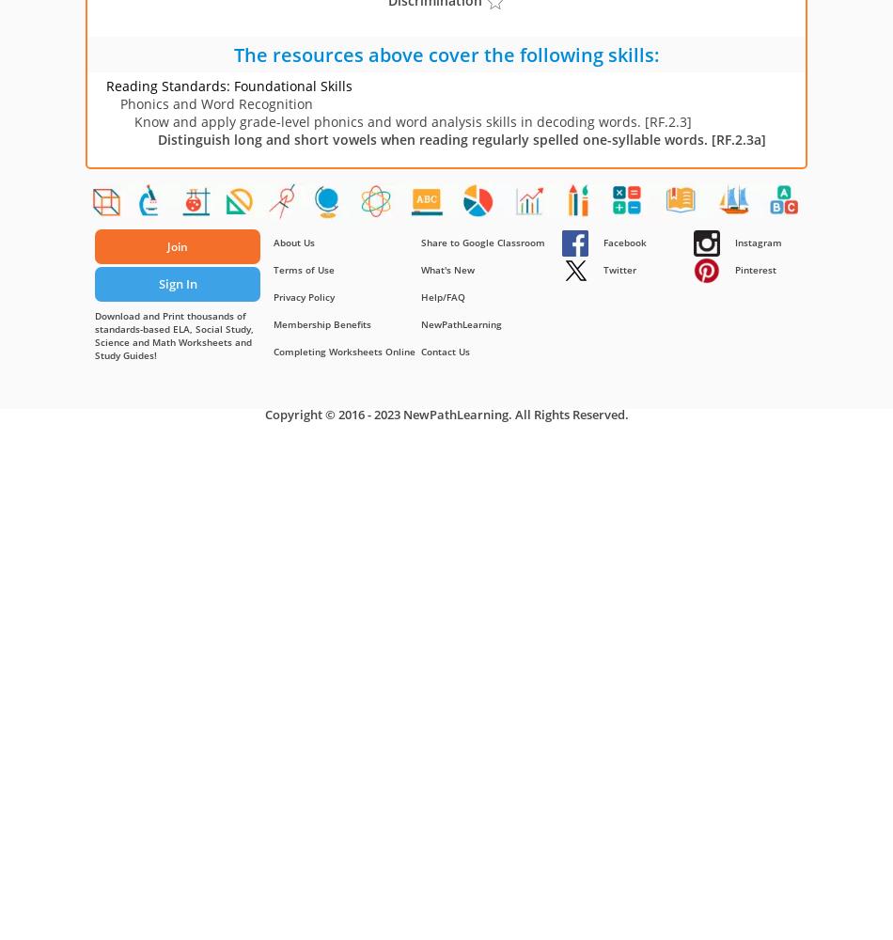 This screenshot has width=893, height=940. What do you see at coordinates (754, 270) in the screenshot?
I see `'Pinterest'` at bounding box center [754, 270].